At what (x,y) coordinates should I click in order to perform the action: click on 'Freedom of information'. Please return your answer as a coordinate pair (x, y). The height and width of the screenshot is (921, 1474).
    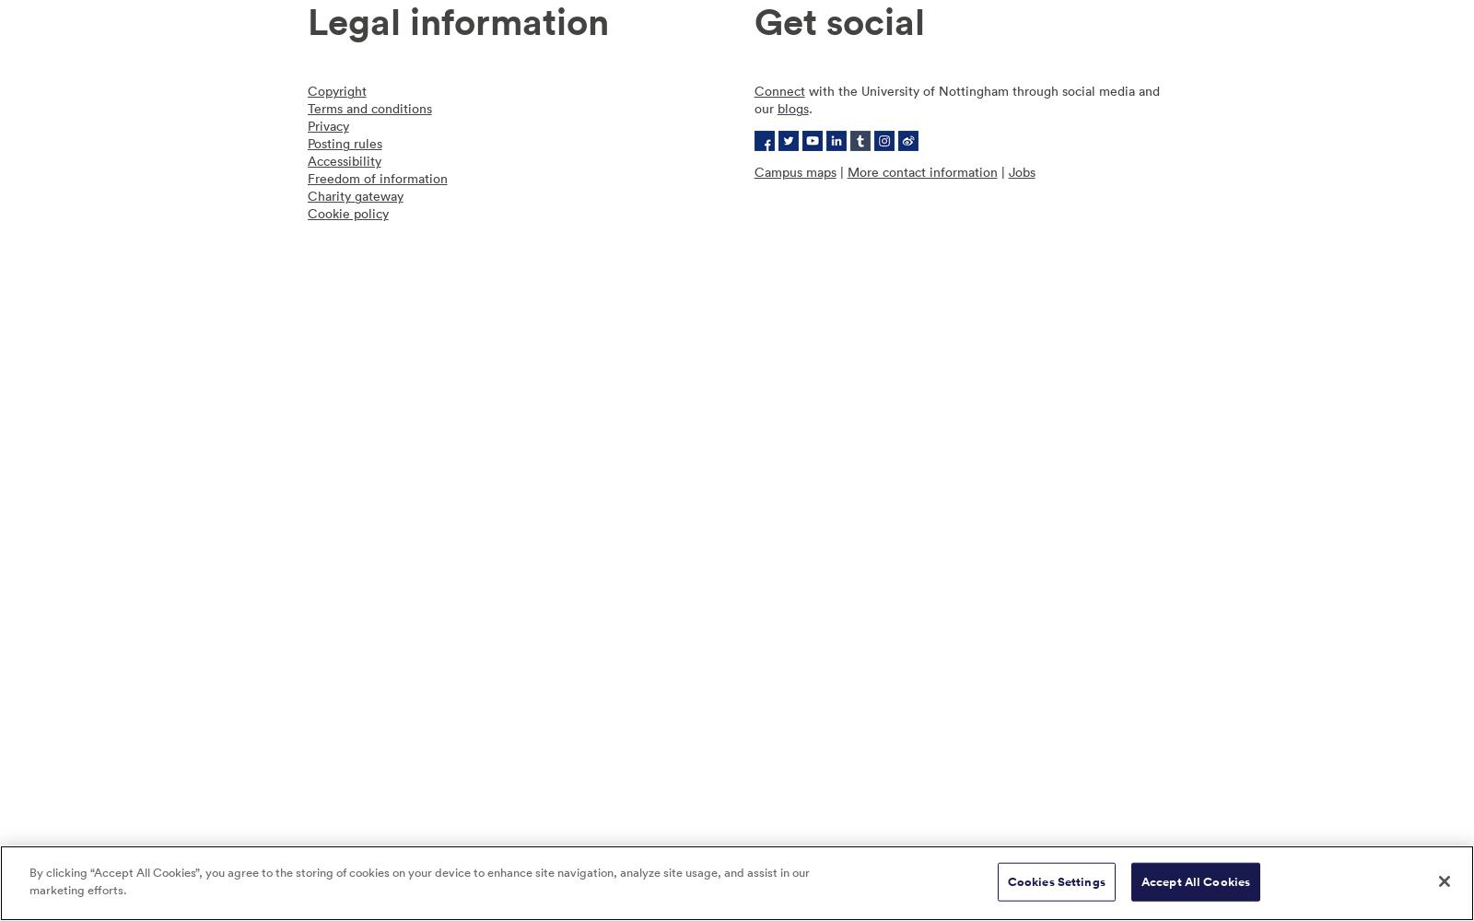
    Looking at the image, I should click on (306, 177).